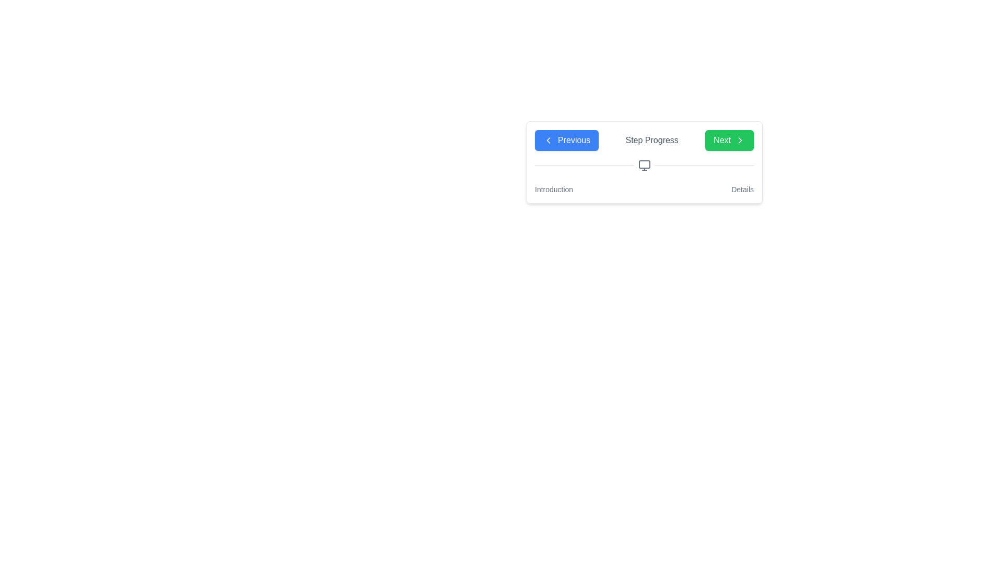 The image size is (1003, 564). What do you see at coordinates (566, 140) in the screenshot?
I see `the 'Previous' button, which is a rectangular button with rounded corners, blue background, and white text` at bounding box center [566, 140].